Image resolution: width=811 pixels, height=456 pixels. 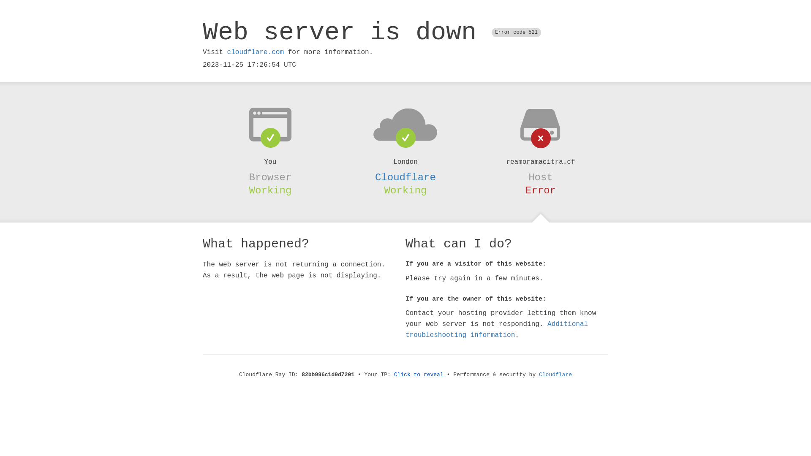 What do you see at coordinates (393, 374) in the screenshot?
I see `'Click to reveal'` at bounding box center [393, 374].